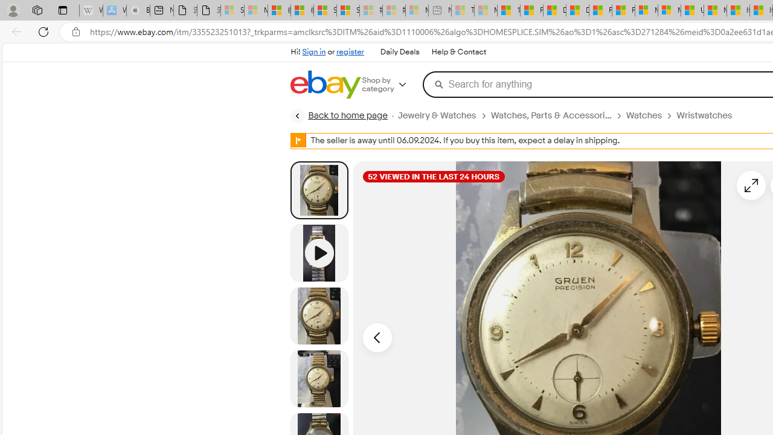  I want to click on 'Picture 1 of 13', so click(319, 190).